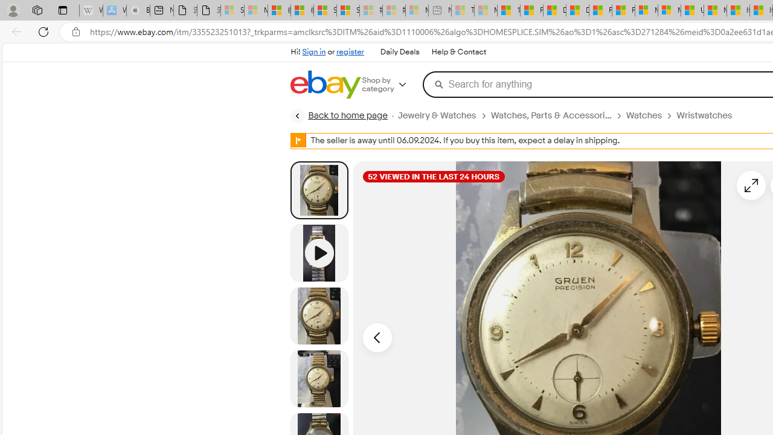  I want to click on 'Picture 1 of 13', so click(319, 190).